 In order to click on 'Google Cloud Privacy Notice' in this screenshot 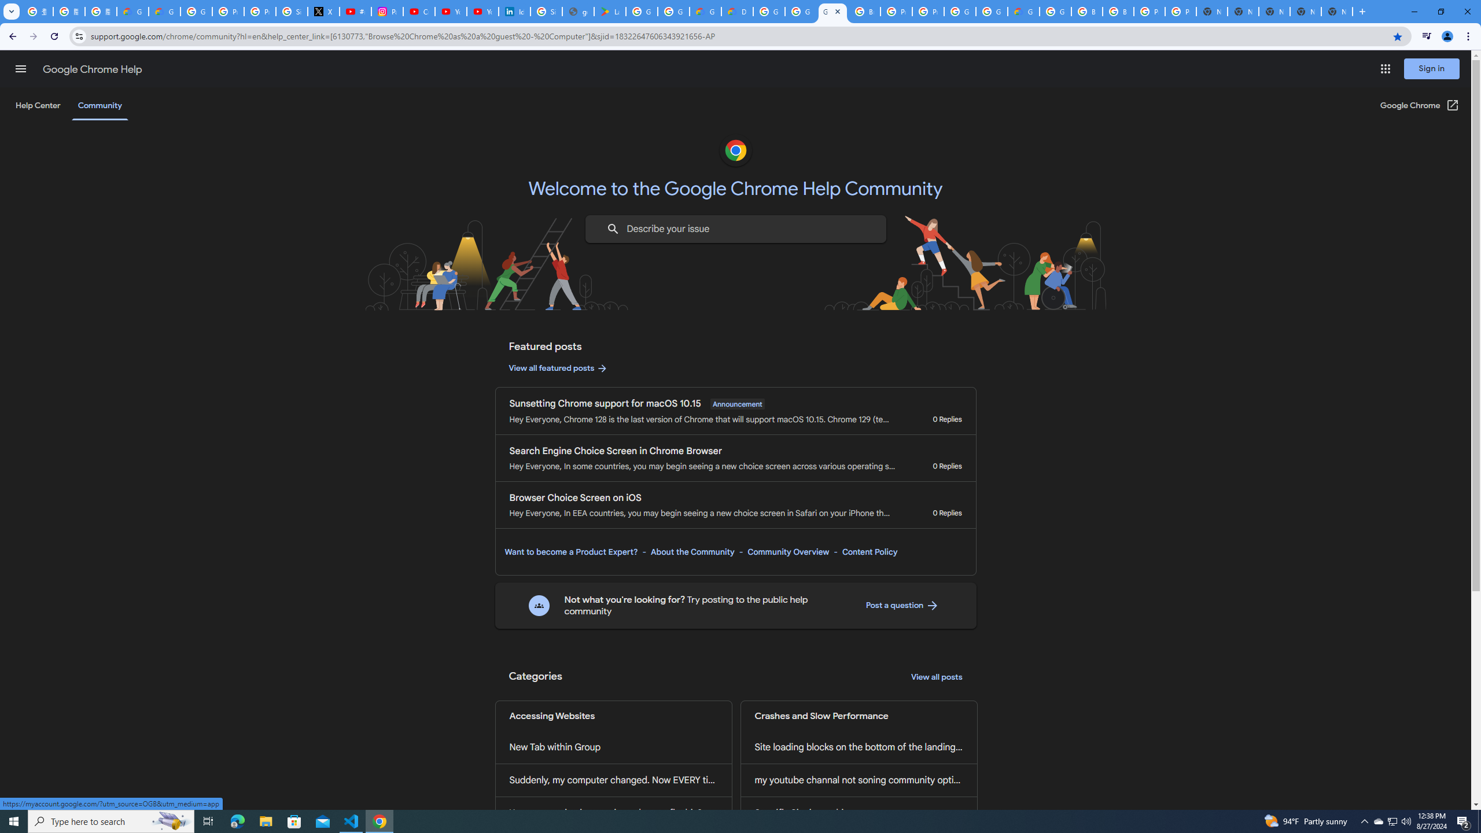, I will do `click(132, 11)`.